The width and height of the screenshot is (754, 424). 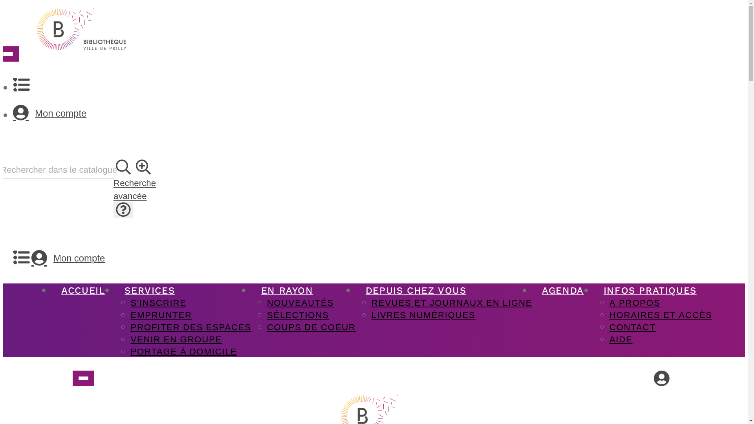 I want to click on 'CONTACT', so click(x=633, y=327).